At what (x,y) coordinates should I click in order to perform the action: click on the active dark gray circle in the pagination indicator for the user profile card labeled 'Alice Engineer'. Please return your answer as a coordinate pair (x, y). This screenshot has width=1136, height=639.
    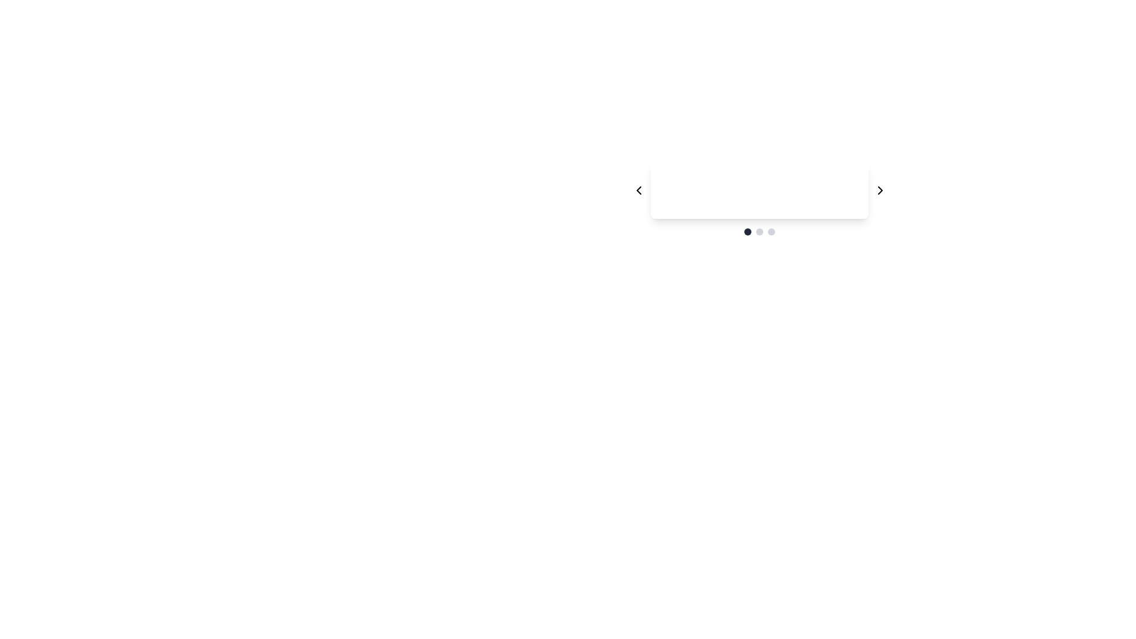
    Looking at the image, I should click on (759, 232).